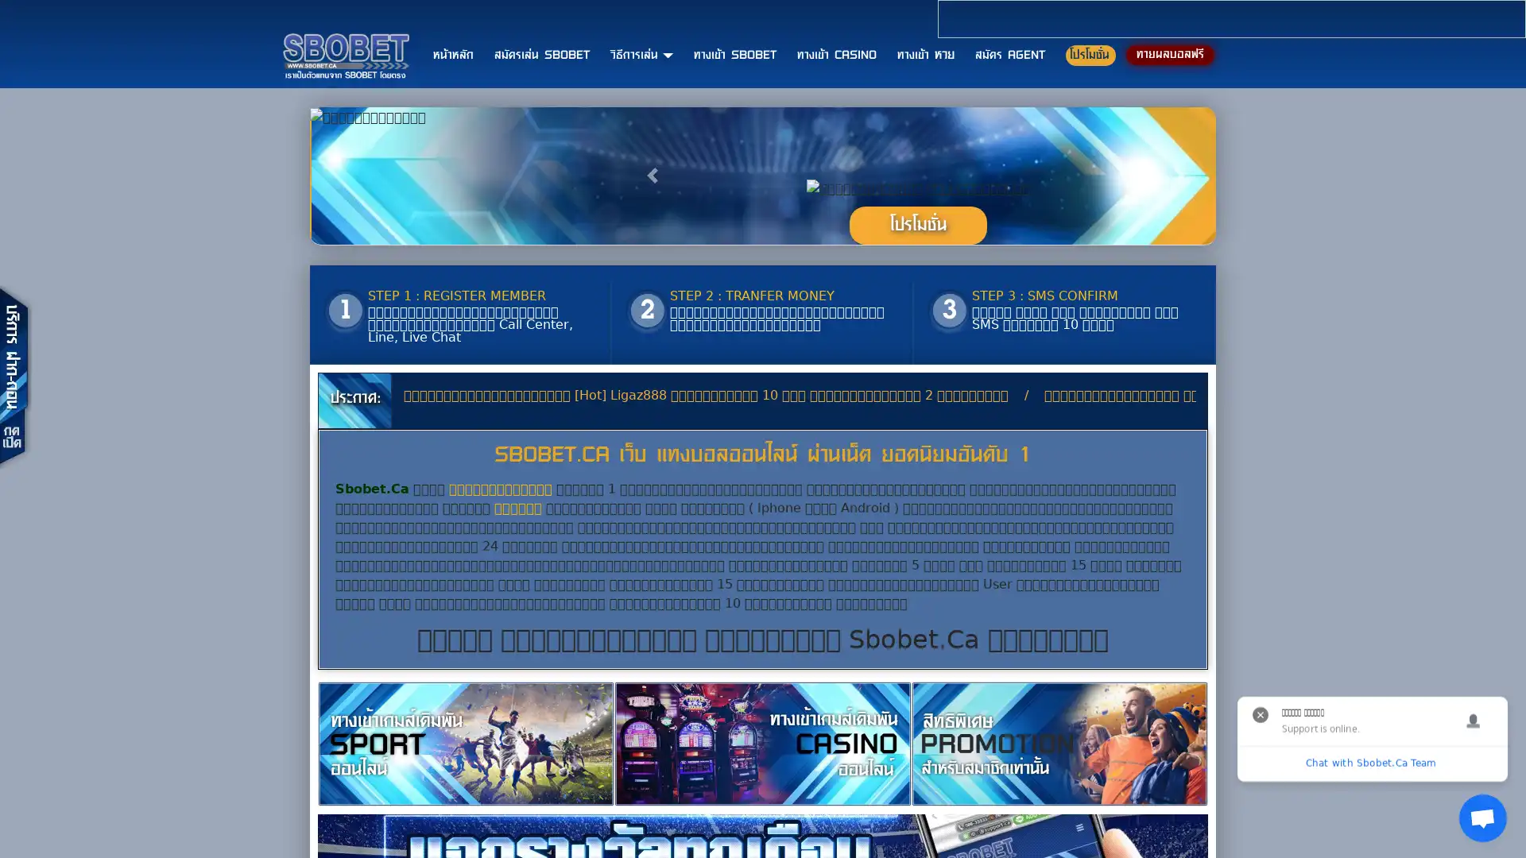 The width and height of the screenshot is (1526, 858). Describe the element at coordinates (917, 351) in the screenshot. I see `-` at that location.